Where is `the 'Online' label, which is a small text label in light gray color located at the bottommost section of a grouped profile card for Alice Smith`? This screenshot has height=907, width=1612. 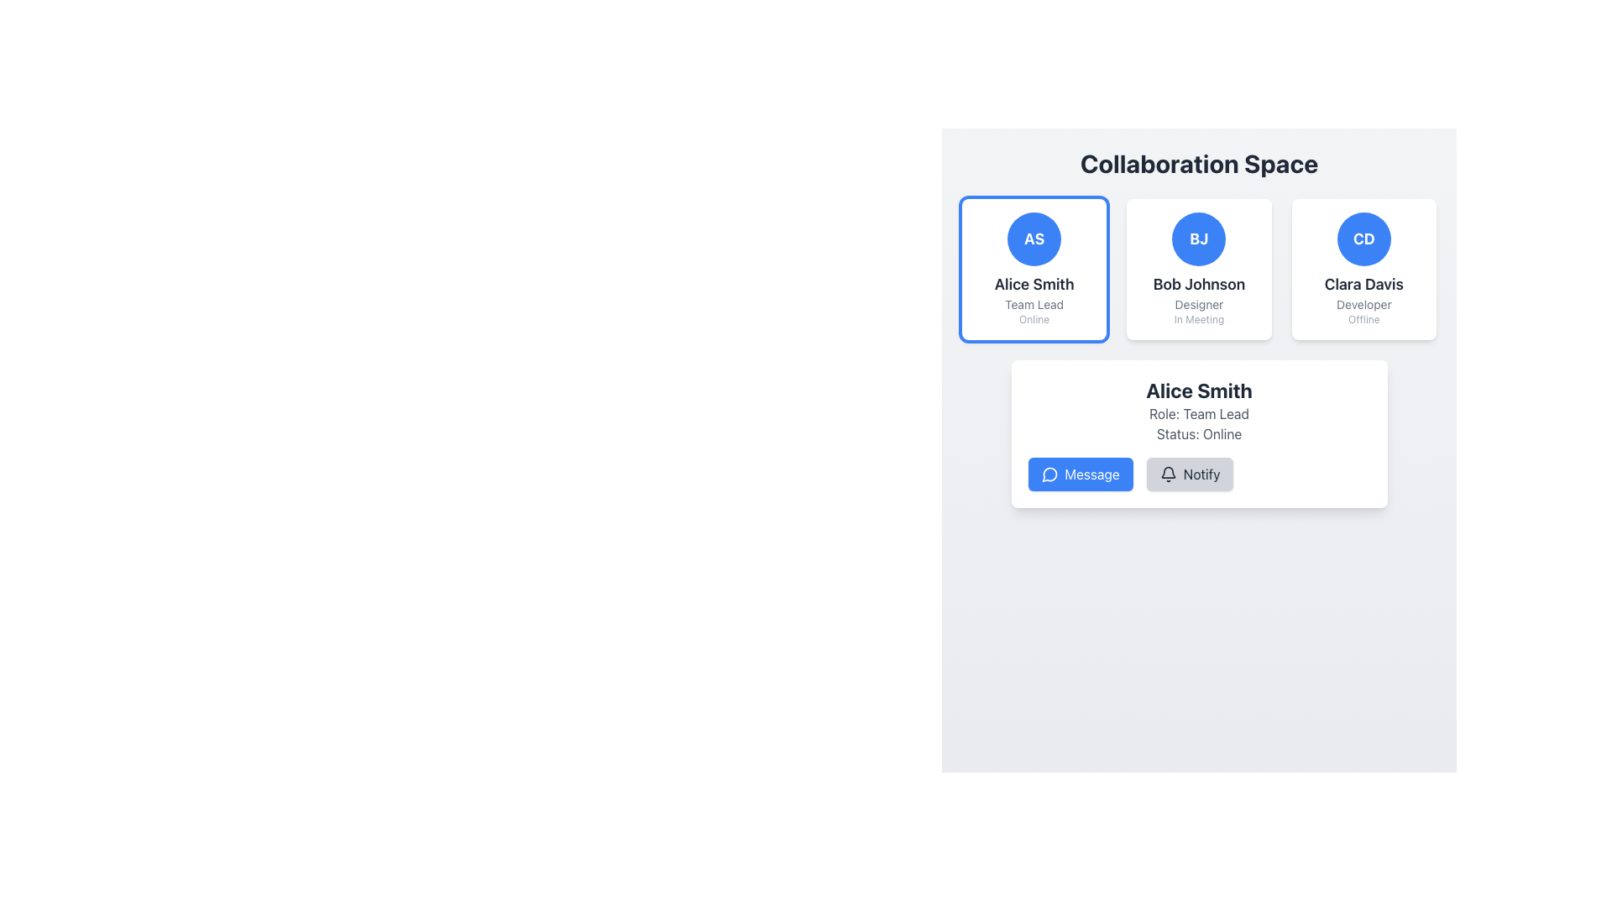
the 'Online' label, which is a small text label in light gray color located at the bottommost section of a grouped profile card for Alice Smith is located at coordinates (1034, 320).